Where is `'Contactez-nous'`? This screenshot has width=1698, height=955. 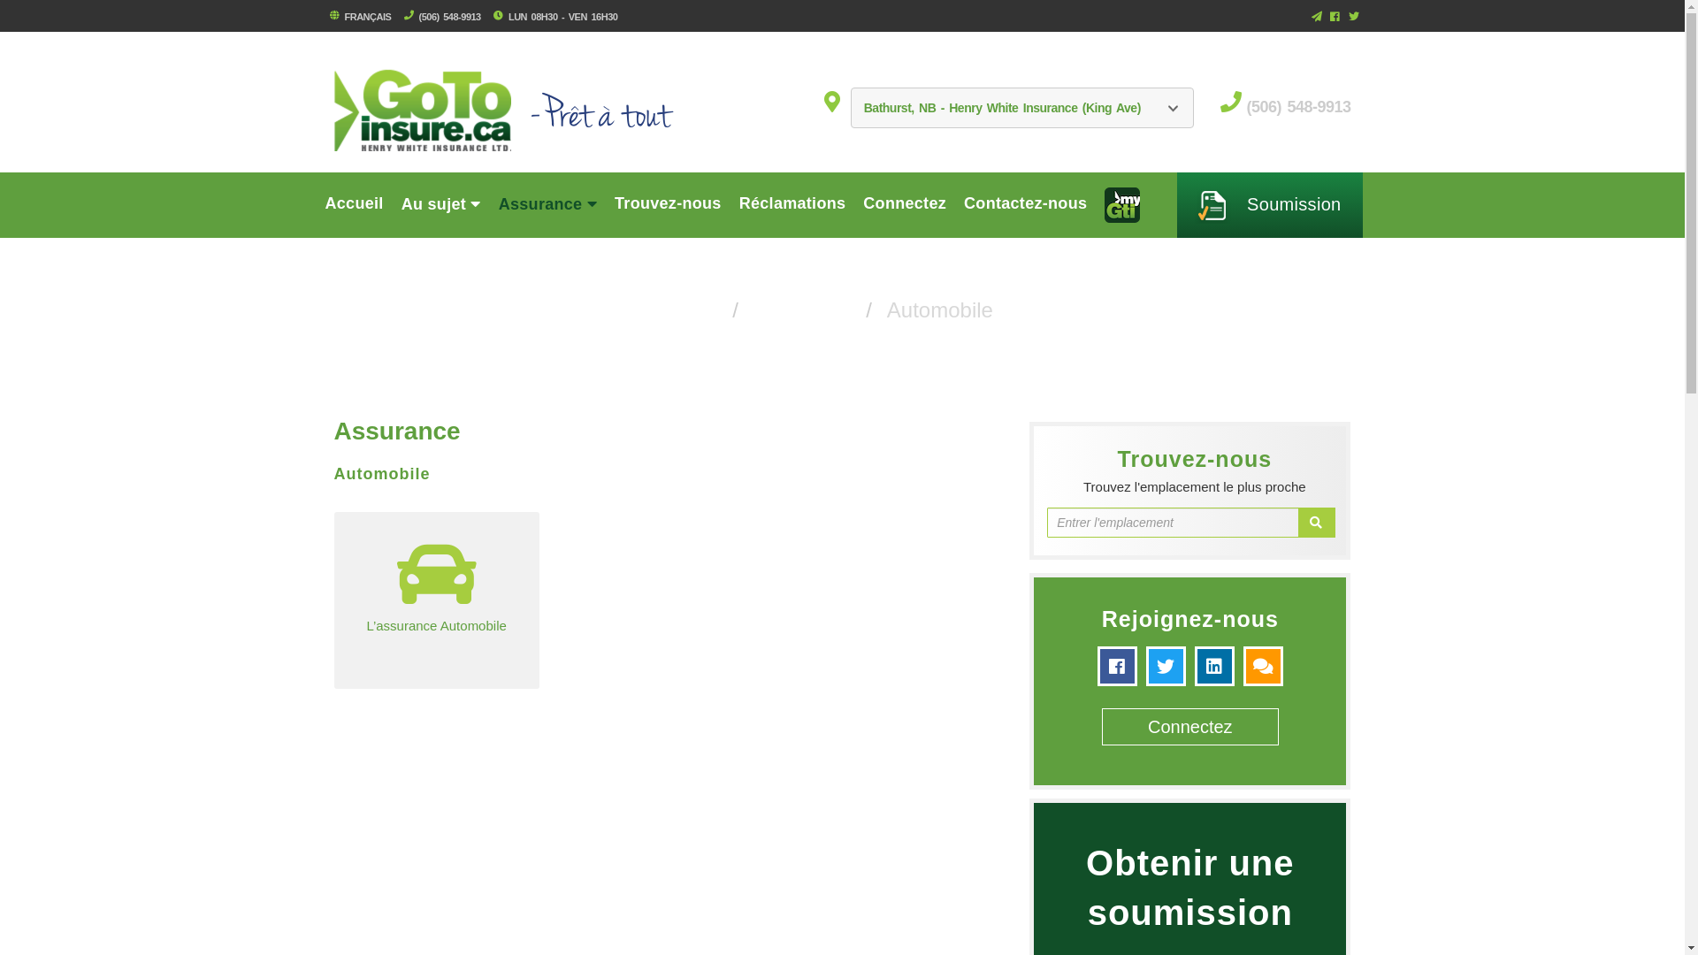 'Contactez-nous' is located at coordinates (1025, 202).